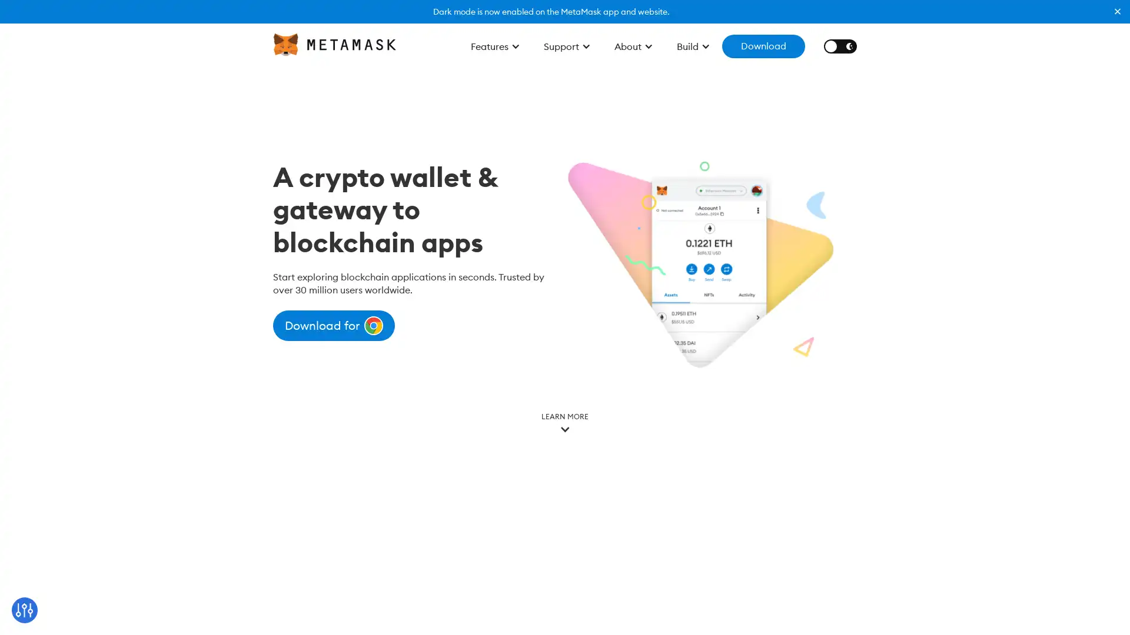 The width and height of the screenshot is (1130, 635). I want to click on Open accessibility options, statement and help, so click(25, 609).